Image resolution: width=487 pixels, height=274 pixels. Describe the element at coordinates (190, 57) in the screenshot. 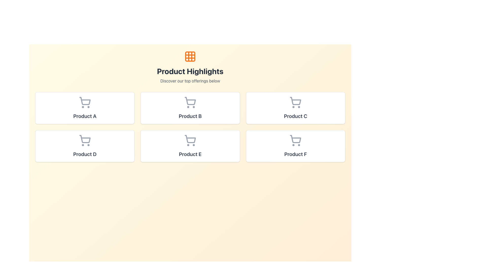

I see `the orange square icon located at the center of the 3x3 grid layout` at that location.